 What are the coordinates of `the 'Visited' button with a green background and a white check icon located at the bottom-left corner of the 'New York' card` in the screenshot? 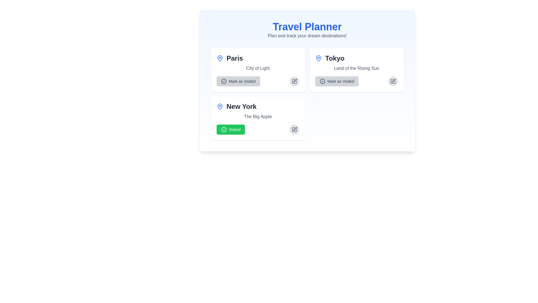 It's located at (231, 130).